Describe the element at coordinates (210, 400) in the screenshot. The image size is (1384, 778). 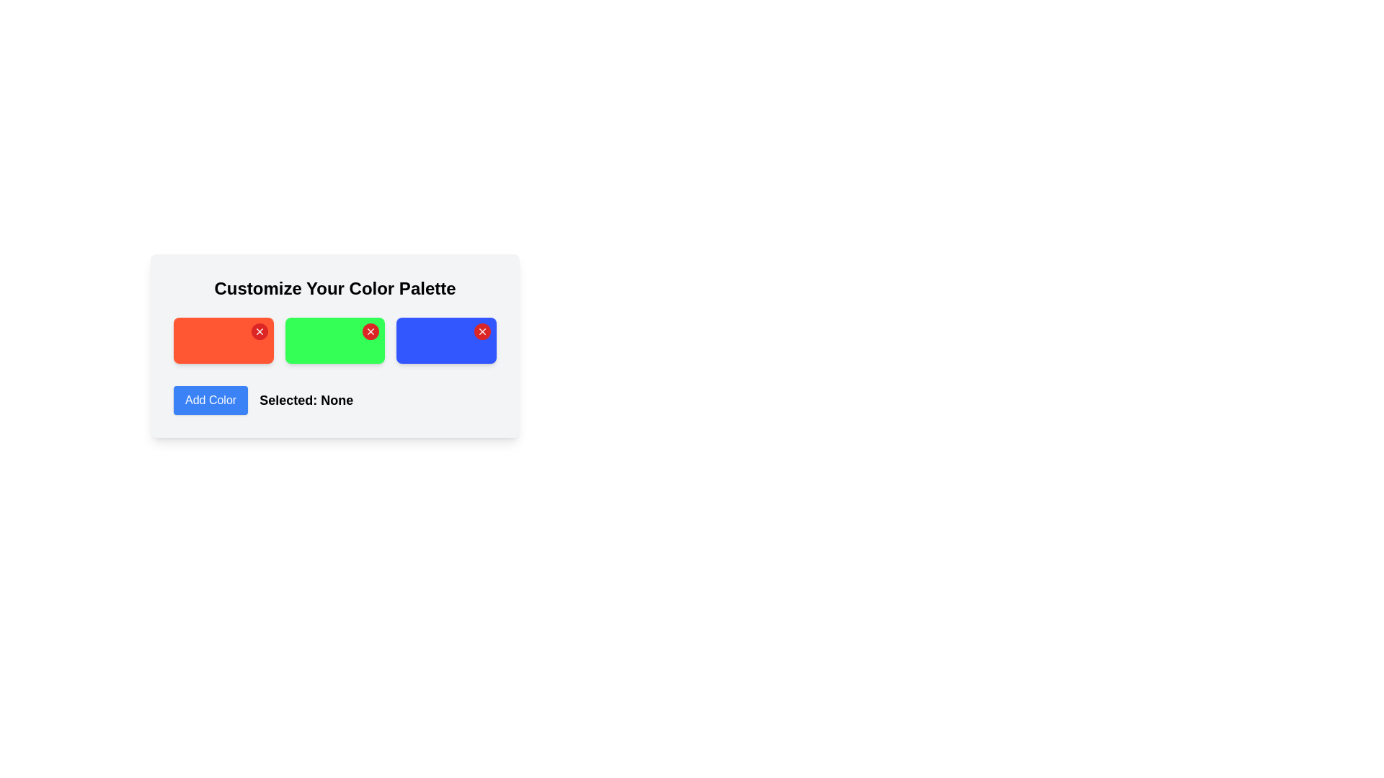
I see `the blue 'Add Color' button with rounded corners` at that location.